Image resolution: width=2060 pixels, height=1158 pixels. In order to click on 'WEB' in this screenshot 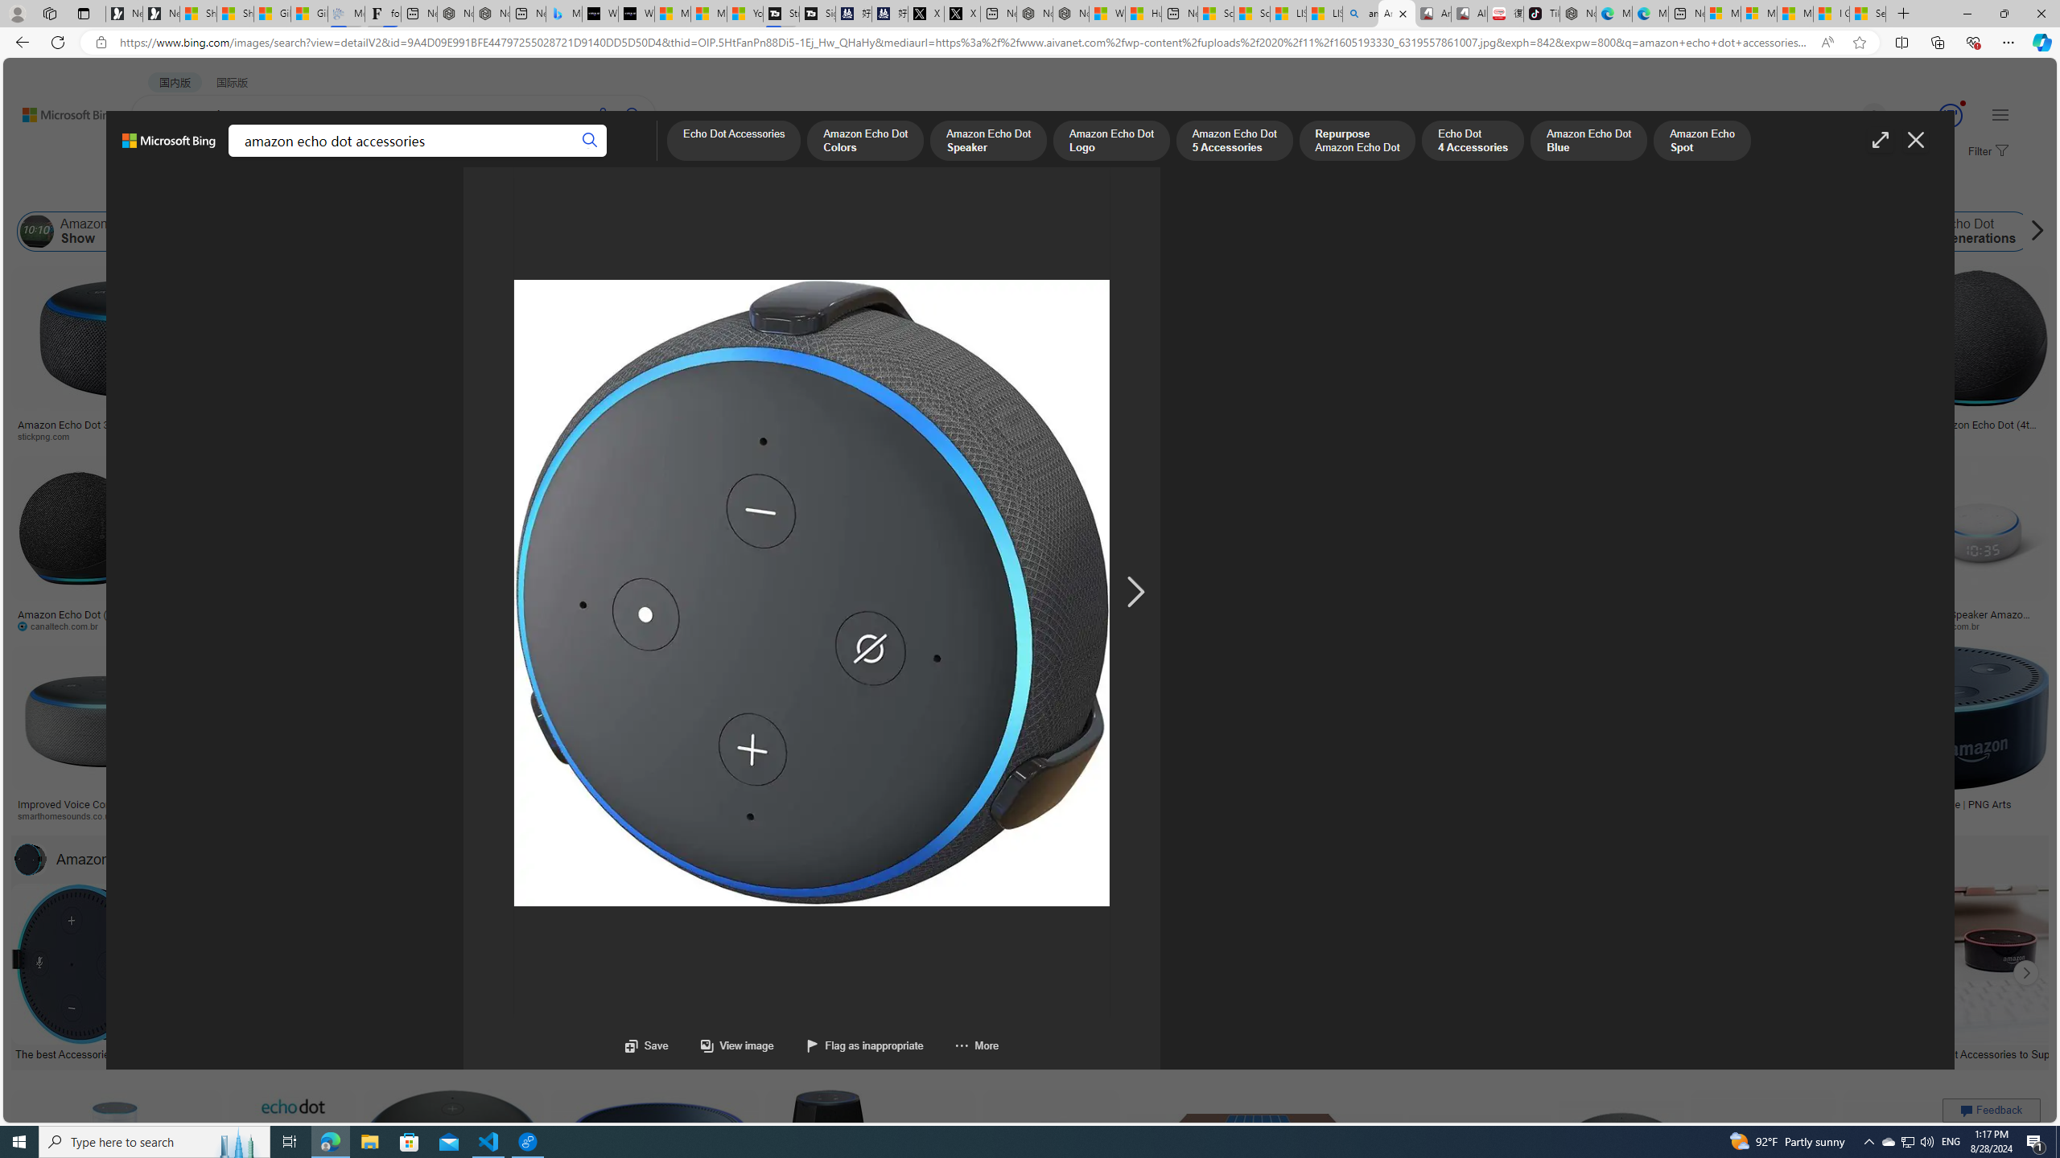, I will do `click(160, 157)`.